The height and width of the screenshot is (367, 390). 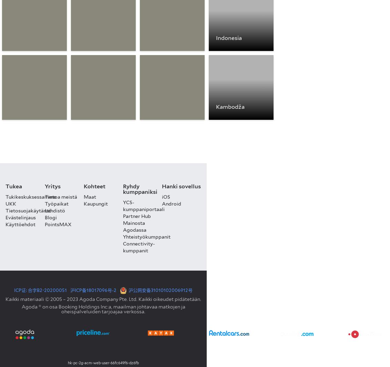 I want to click on 'Hanki sovellus', so click(x=162, y=186).